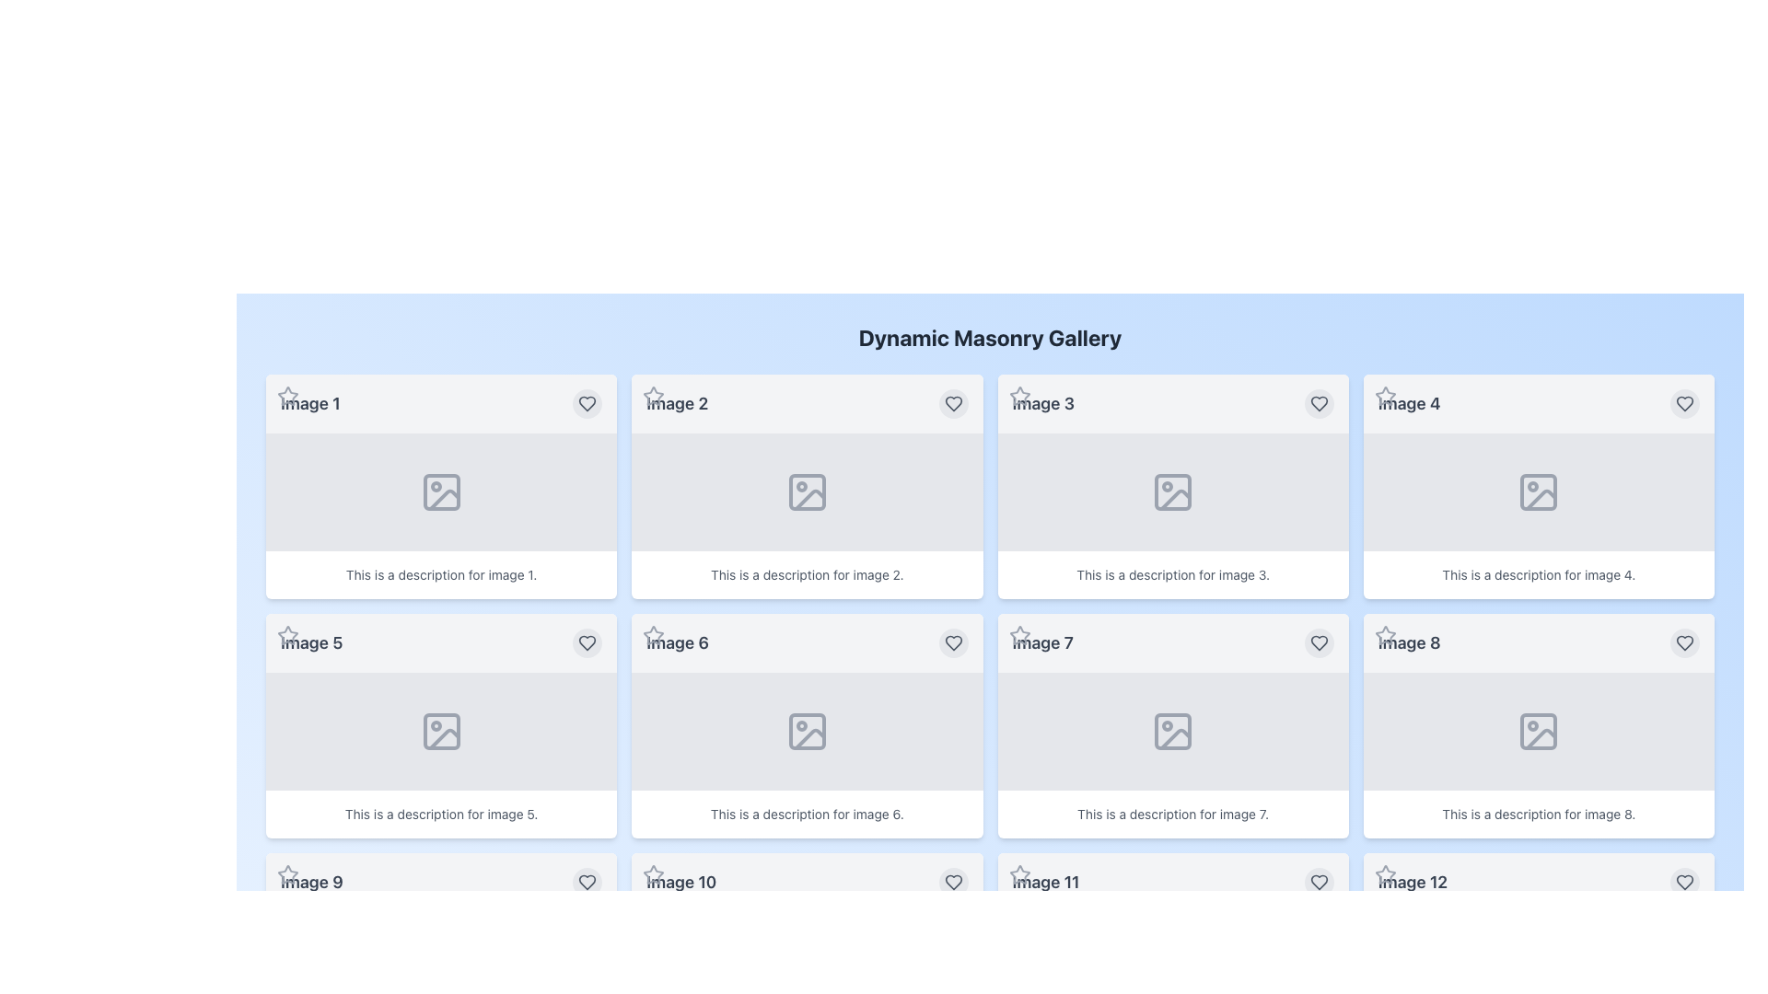 The image size is (1768, 994). I want to click on the circular favorite button with a heart-shaped icon located in the top right corner of the card labeled 'Image 7', so click(1318, 641).